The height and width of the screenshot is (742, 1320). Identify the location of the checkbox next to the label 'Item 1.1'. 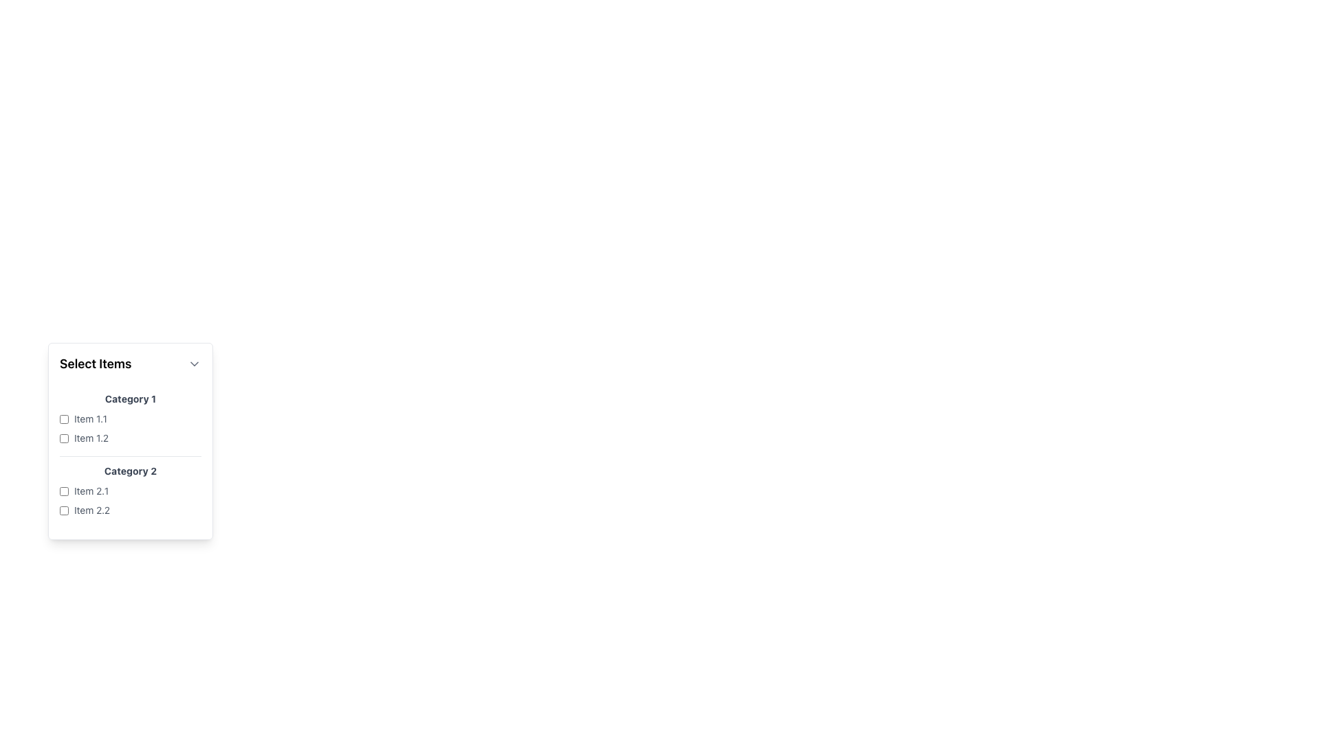
(63, 418).